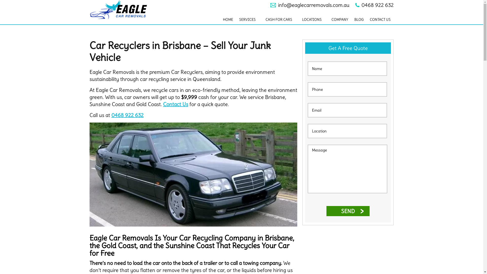 The height and width of the screenshot is (274, 487). What do you see at coordinates (123, 10) in the screenshot?
I see `'EAGLE` at bounding box center [123, 10].